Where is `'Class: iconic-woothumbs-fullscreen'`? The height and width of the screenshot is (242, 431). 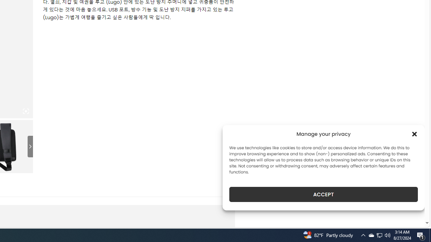 'Class: iconic-woothumbs-fullscreen' is located at coordinates (26, 111).